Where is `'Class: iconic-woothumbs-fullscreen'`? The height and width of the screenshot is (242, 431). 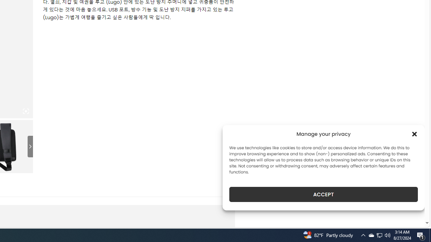 'Class: iconic-woothumbs-fullscreen' is located at coordinates (26, 111).